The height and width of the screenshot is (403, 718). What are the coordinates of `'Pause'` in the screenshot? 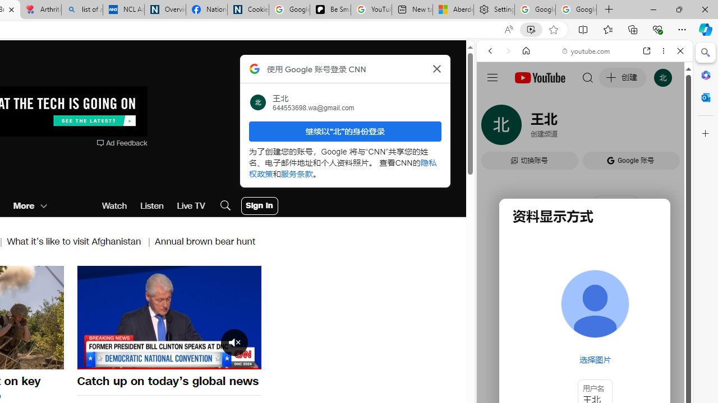 It's located at (168, 316).